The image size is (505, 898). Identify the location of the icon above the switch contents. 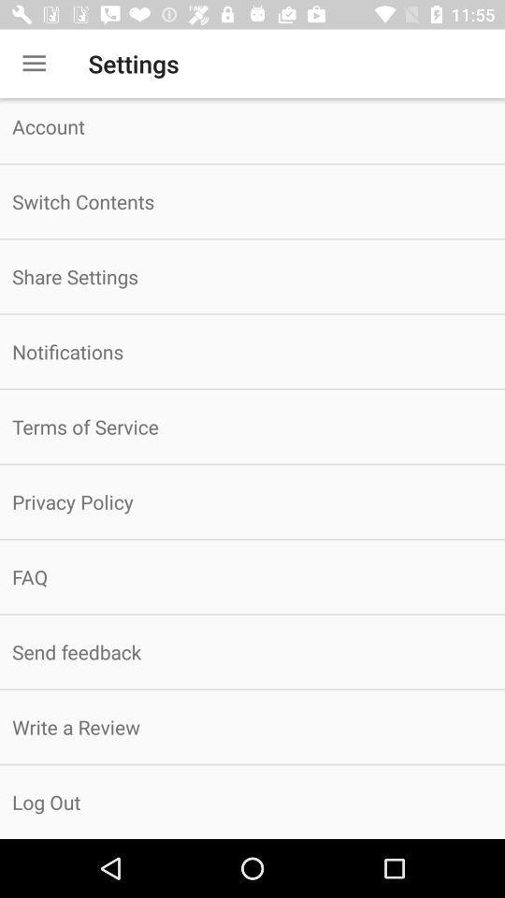
(252, 129).